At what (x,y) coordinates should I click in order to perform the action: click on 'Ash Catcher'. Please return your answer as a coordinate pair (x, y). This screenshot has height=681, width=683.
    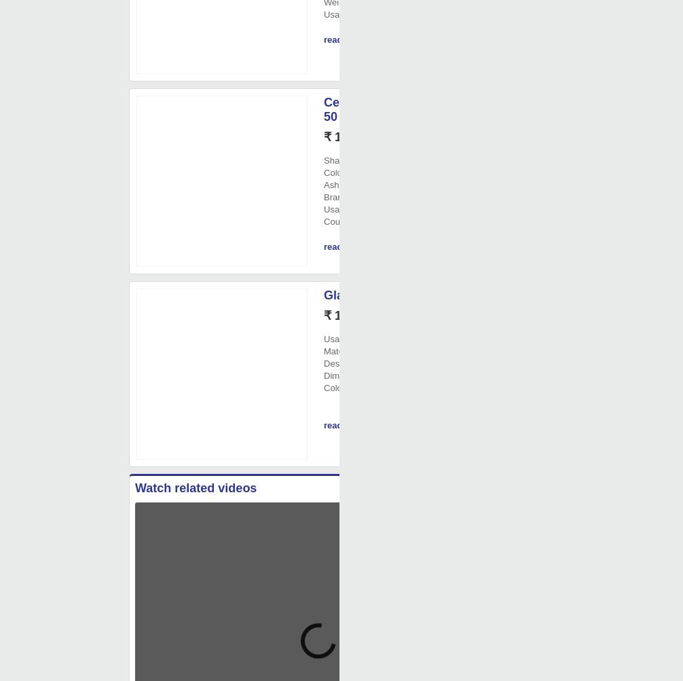
    Looking at the image, I should click on (348, 185).